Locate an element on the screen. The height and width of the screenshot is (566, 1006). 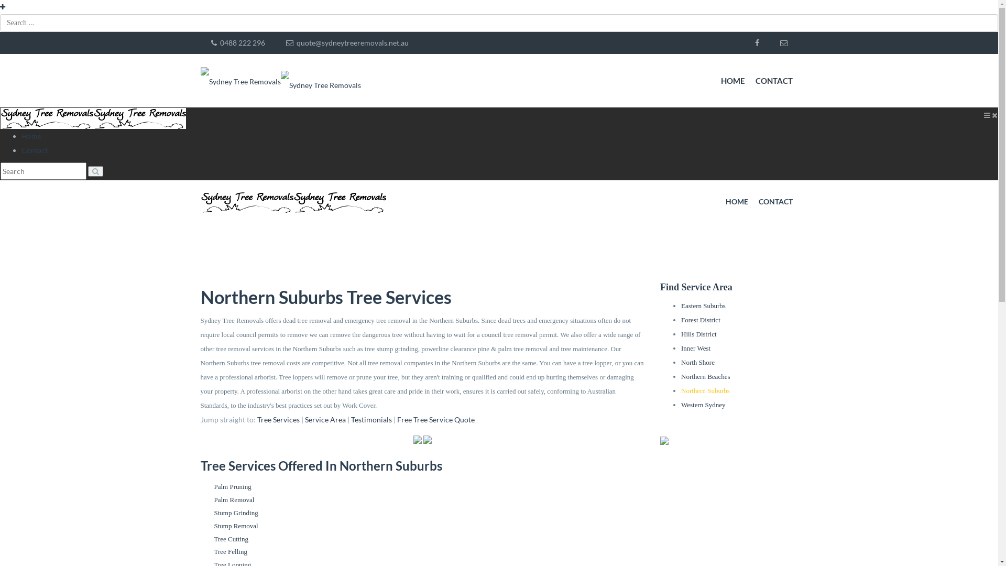
'HOME' is located at coordinates (719, 202).